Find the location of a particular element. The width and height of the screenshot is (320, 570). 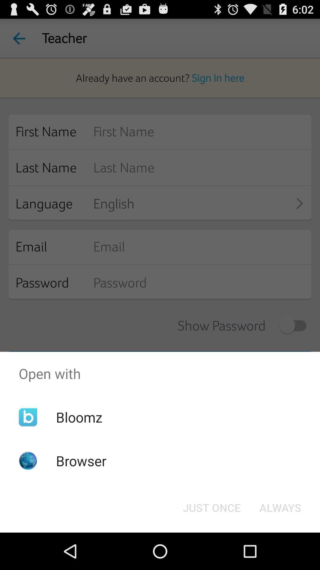

the just once icon is located at coordinates (211, 507).